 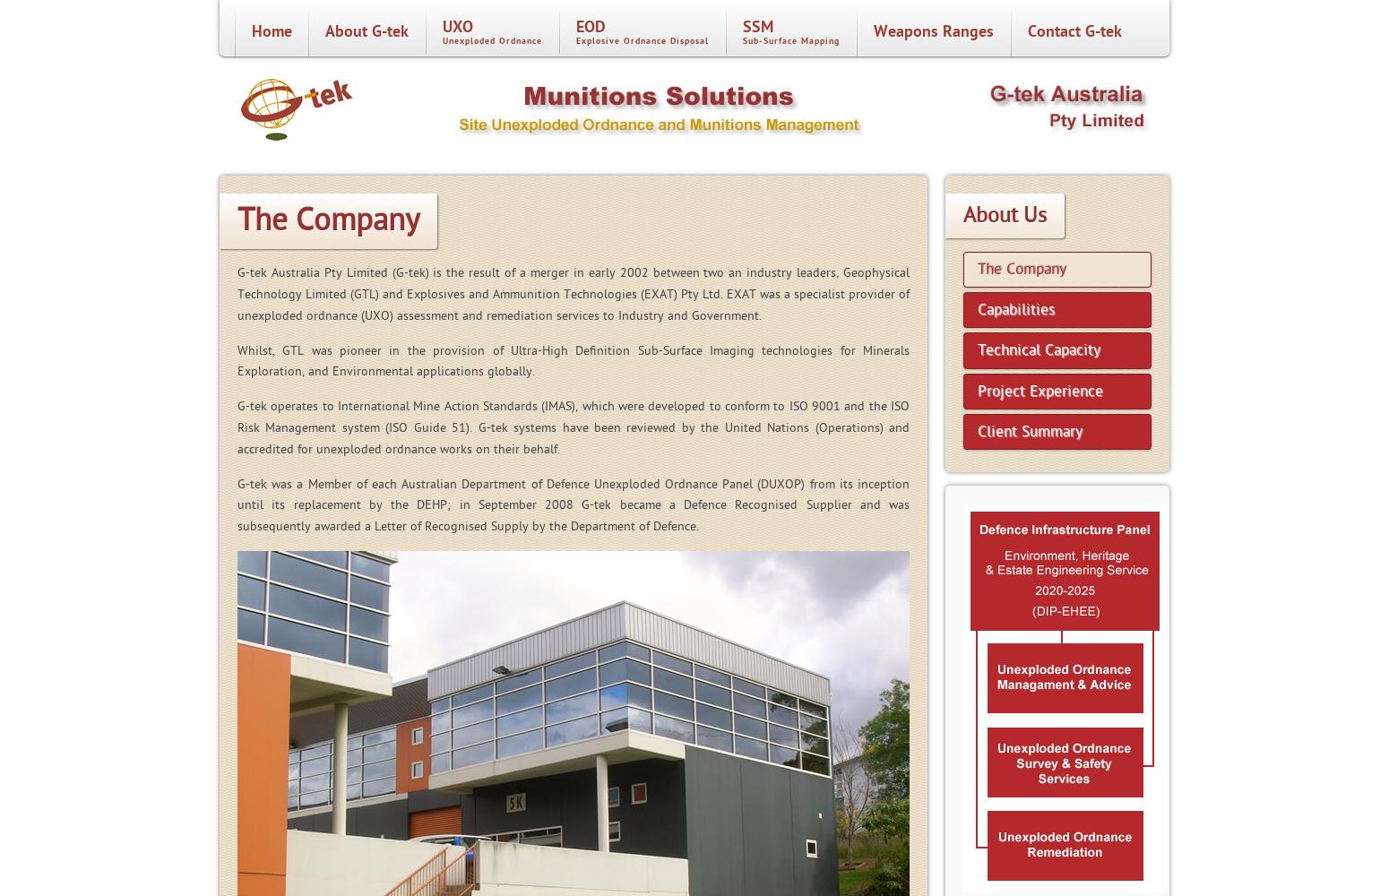 I want to click on 'Whilst, GTL was pioneer in the provision of Ultra-High Definition Sub-Surface Imaging technologies for Minerals Exploration, and Environmental applications globally.', so click(x=572, y=360).